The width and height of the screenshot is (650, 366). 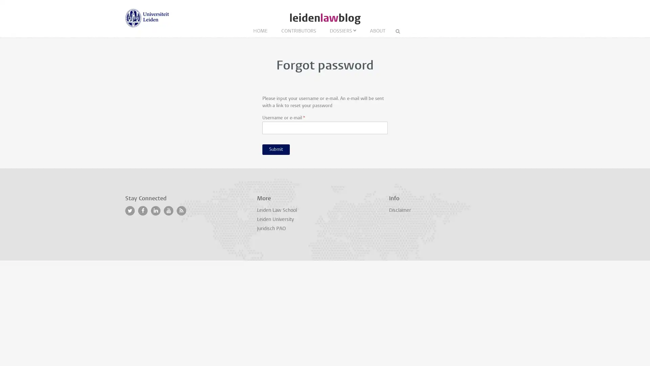 I want to click on Submit, so click(x=276, y=149).